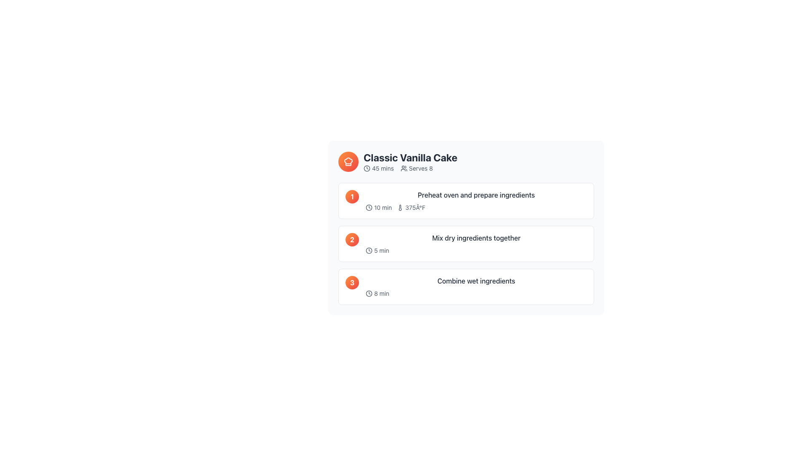 Image resolution: width=809 pixels, height=455 pixels. What do you see at coordinates (348, 162) in the screenshot?
I see `the icon representing the recipe card for 'Classic Vanilla Cake', which is located in the header section of the card layout` at bounding box center [348, 162].